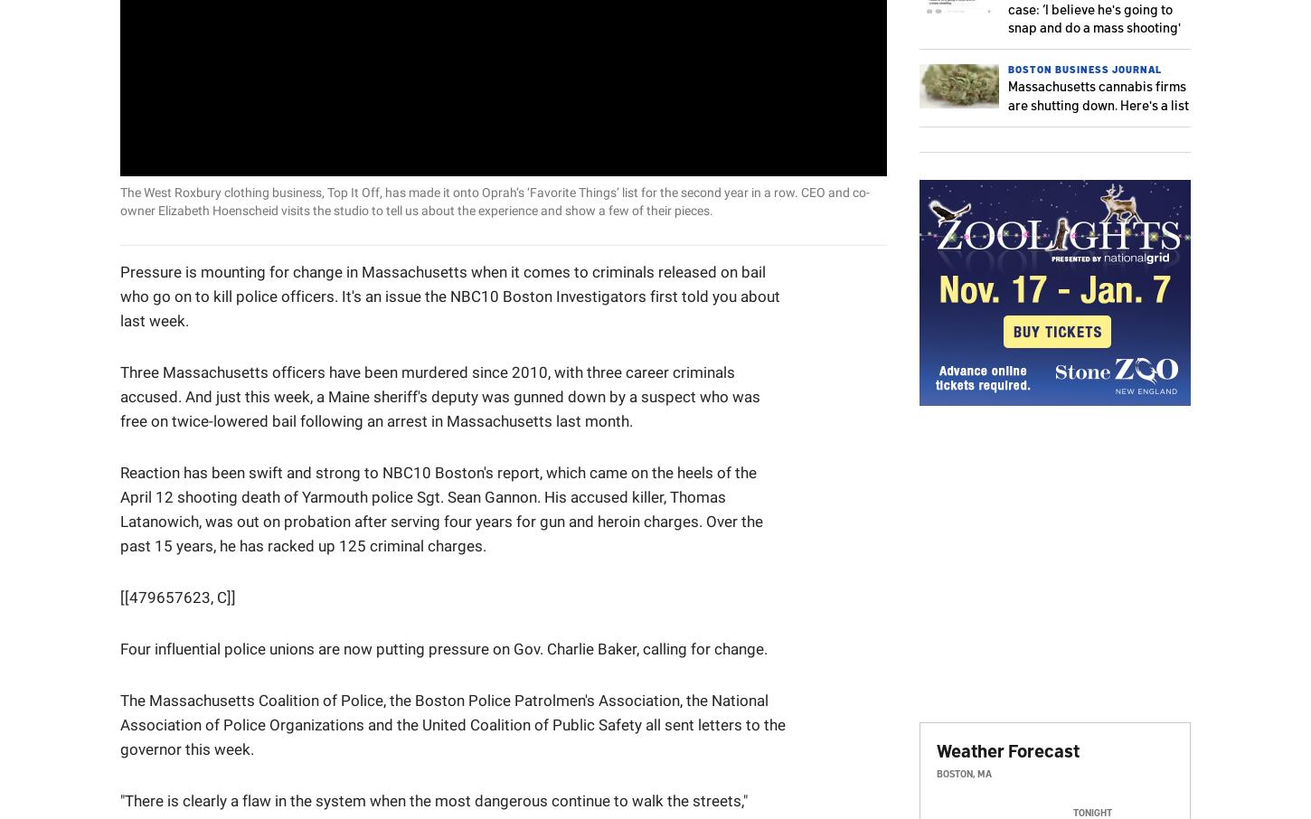  What do you see at coordinates (440, 395) in the screenshot?
I see `'Three Massachusetts officers have been murdered since 2010, with three career criminals accused. And just this week, a Maine sheriff's deputy was gunned down by a suspect who was free on twice-lowered bail following an arrest in Massachusetts last month.'` at bounding box center [440, 395].